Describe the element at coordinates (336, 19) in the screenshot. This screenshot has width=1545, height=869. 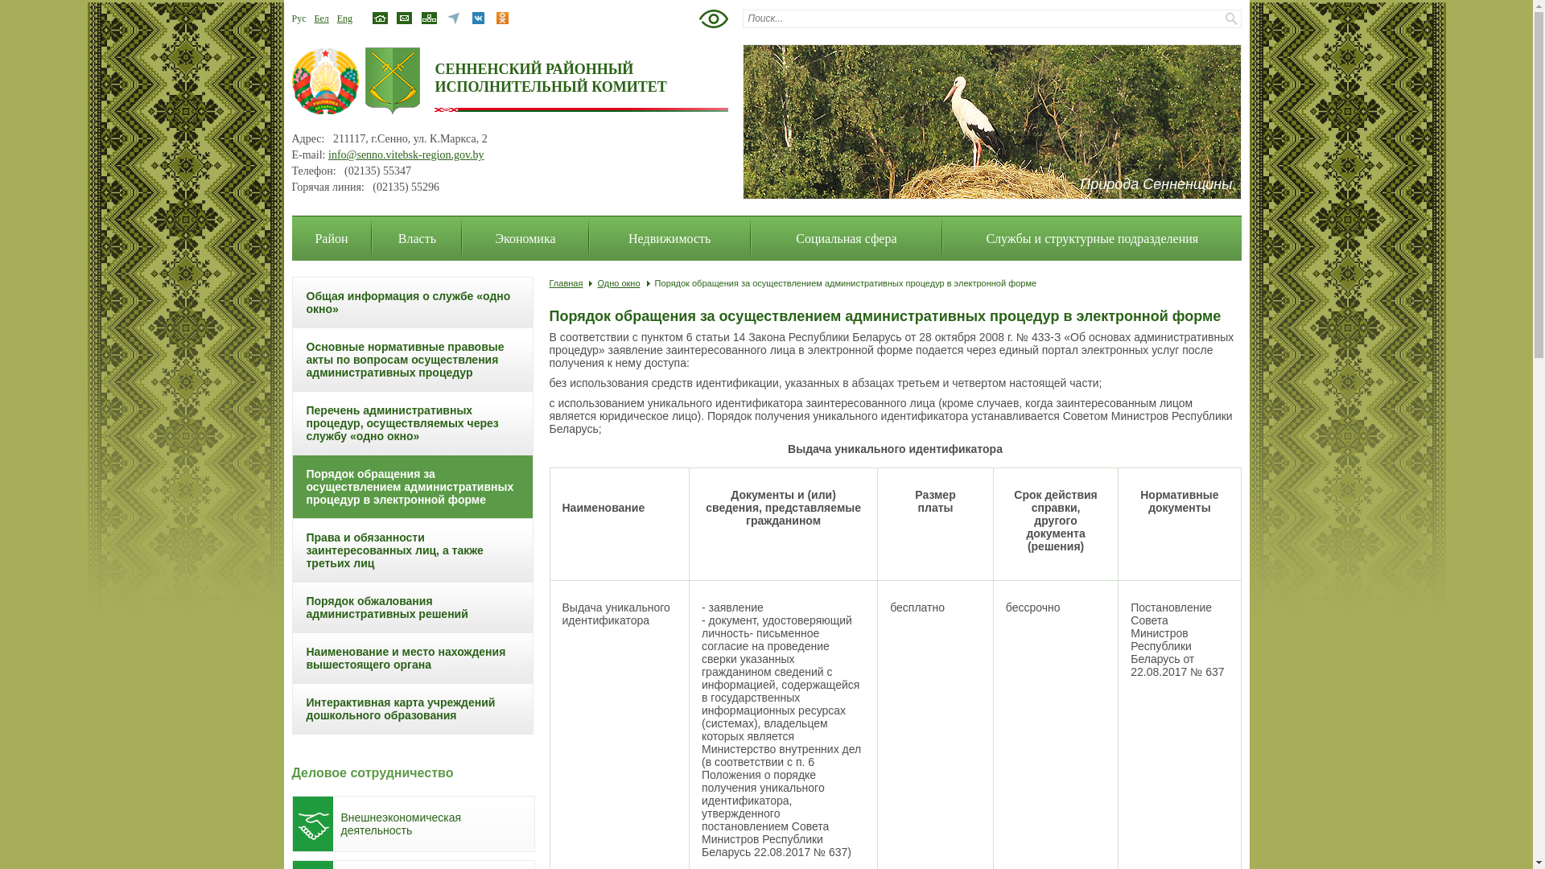
I see `'Eng'` at that location.